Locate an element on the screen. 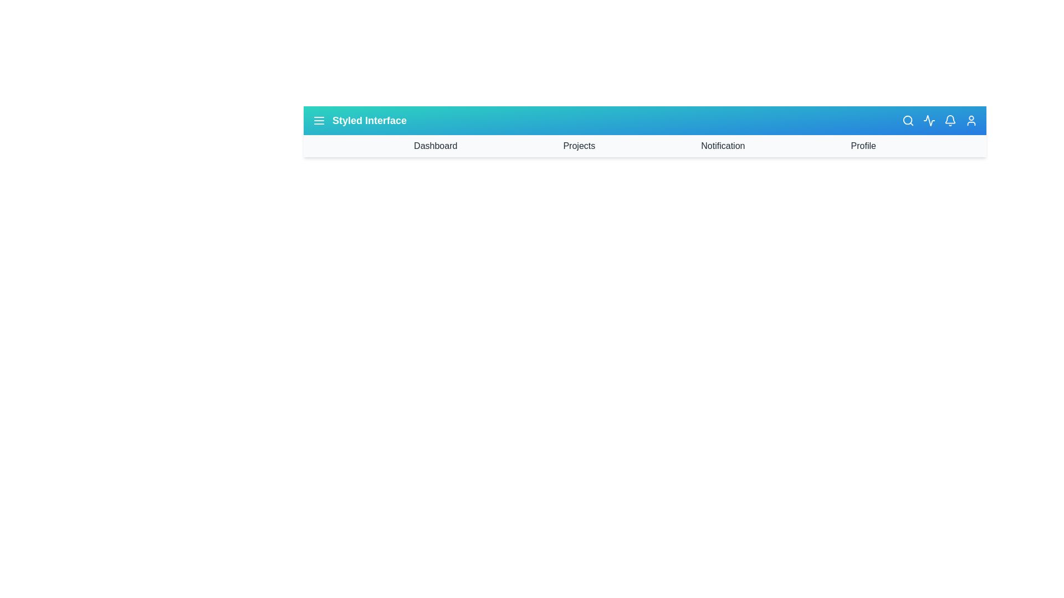 Image resolution: width=1064 pixels, height=598 pixels. the activity icon in the header is located at coordinates (929, 121).